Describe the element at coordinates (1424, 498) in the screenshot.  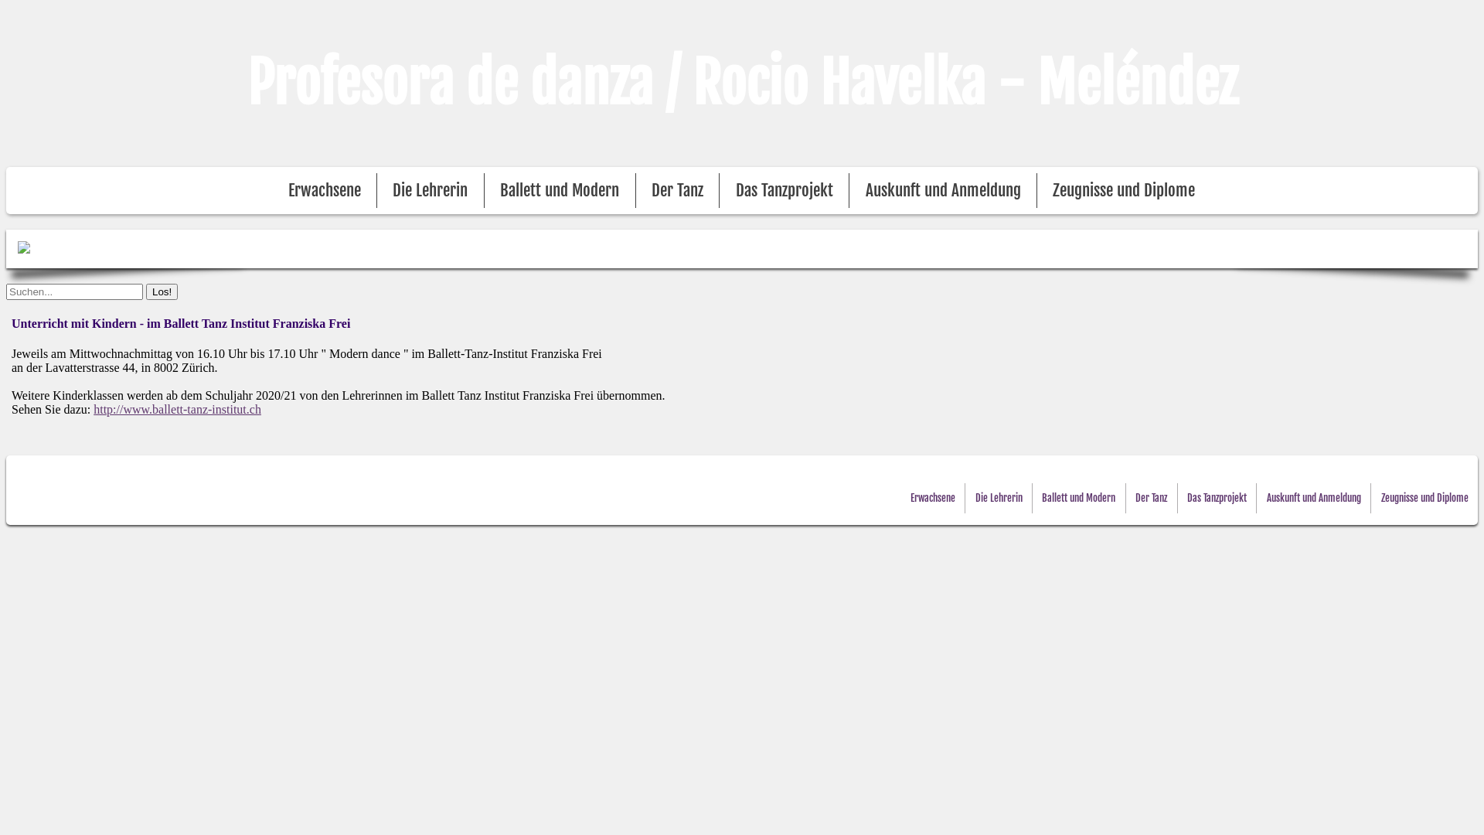
I see `'Zeugnisse und Diplome'` at that location.